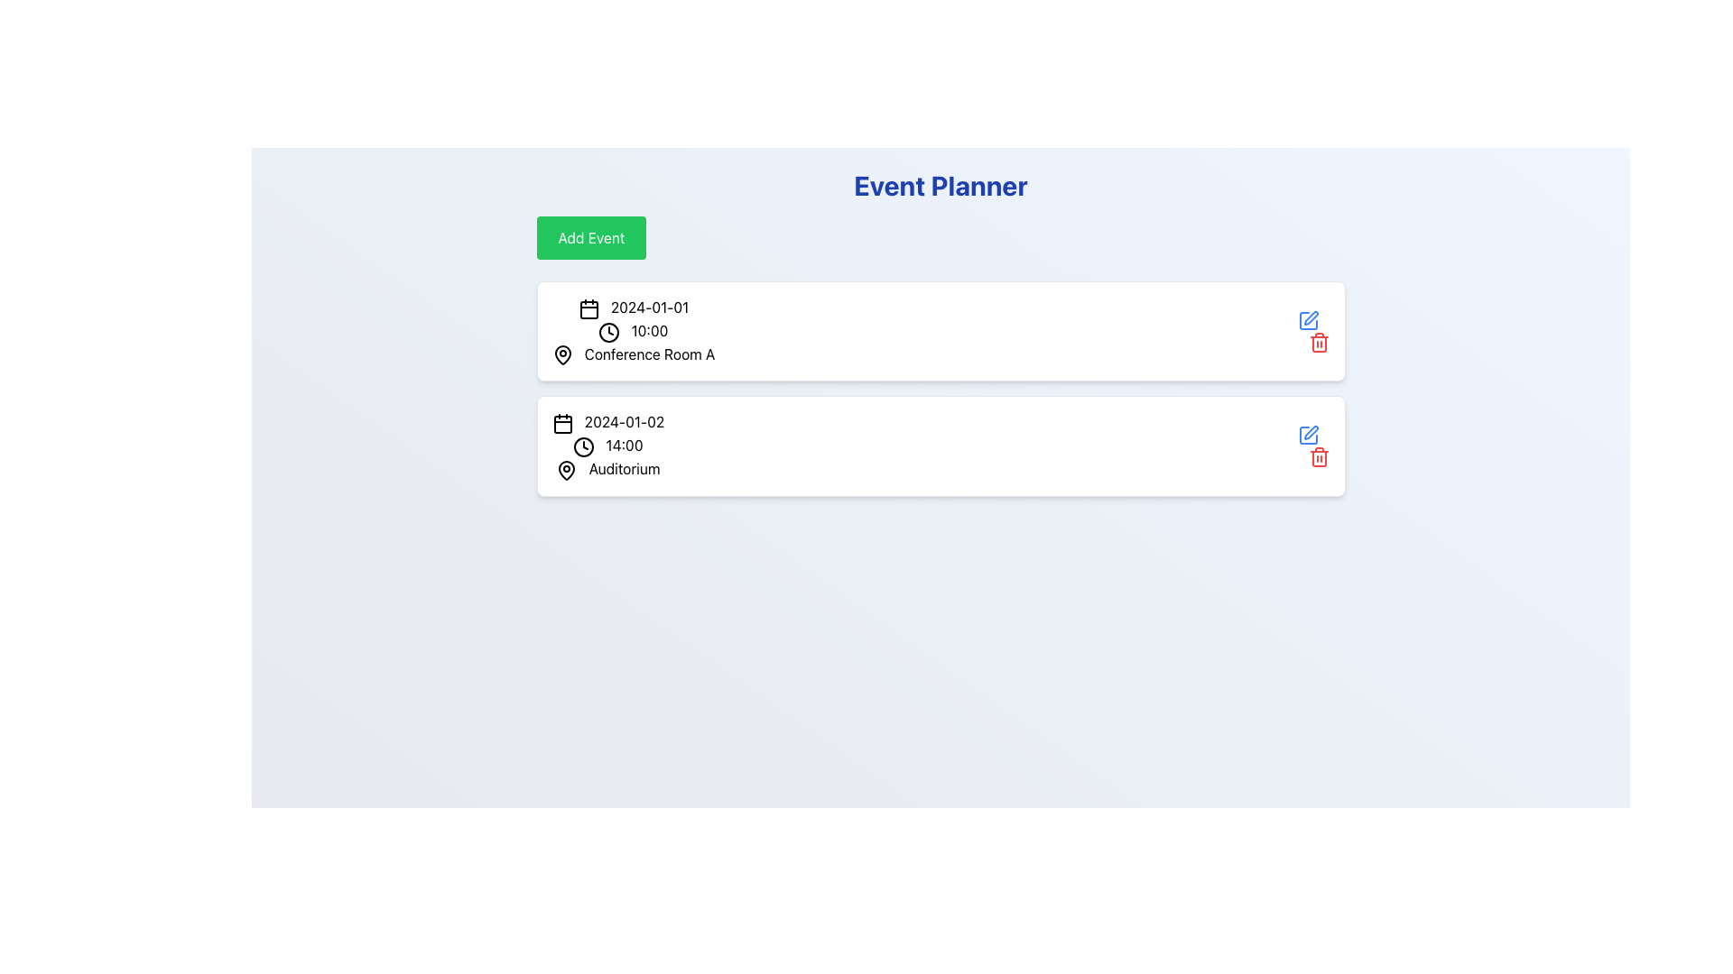 The width and height of the screenshot is (1733, 974). What do you see at coordinates (1319, 344) in the screenshot?
I see `the red trash can icon element located in the toolbar on the right side of the event item entry, which indicates delete functionality` at bounding box center [1319, 344].